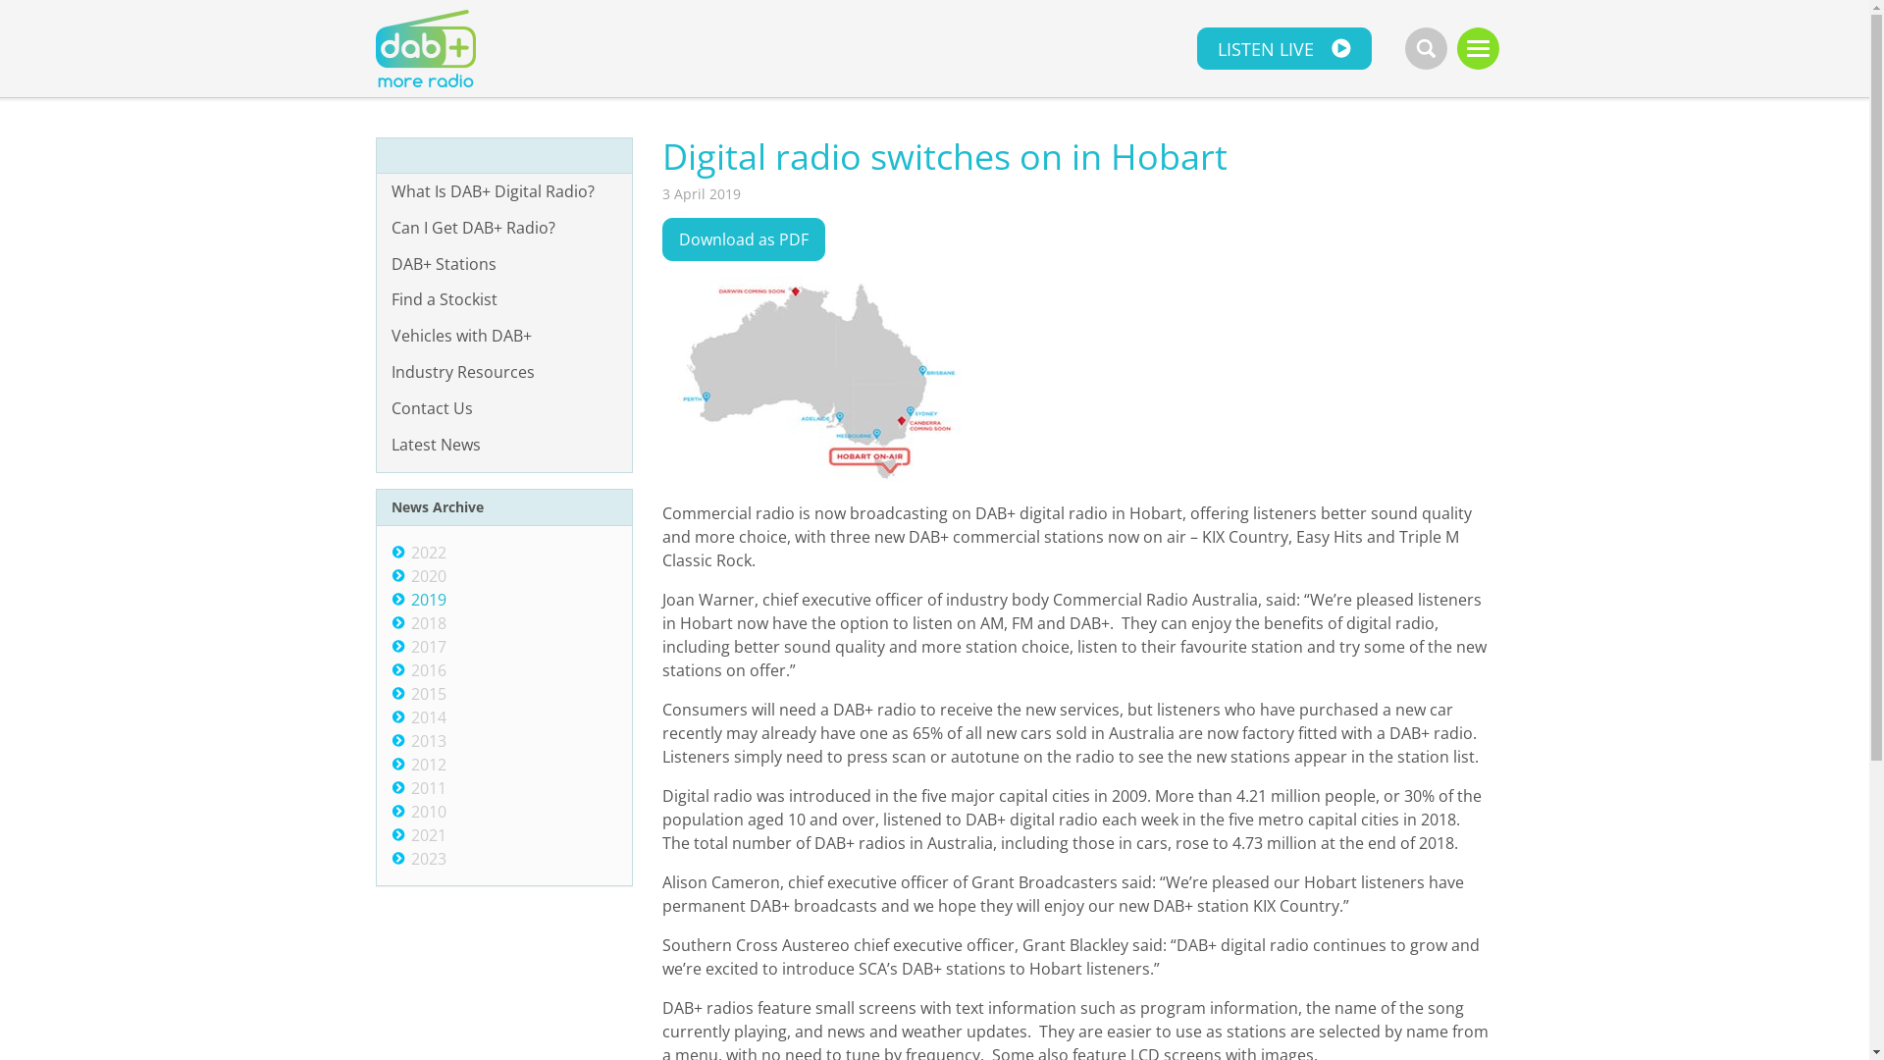 The width and height of the screenshot is (1884, 1060). What do you see at coordinates (377, 372) in the screenshot?
I see `'Industry Resources'` at bounding box center [377, 372].